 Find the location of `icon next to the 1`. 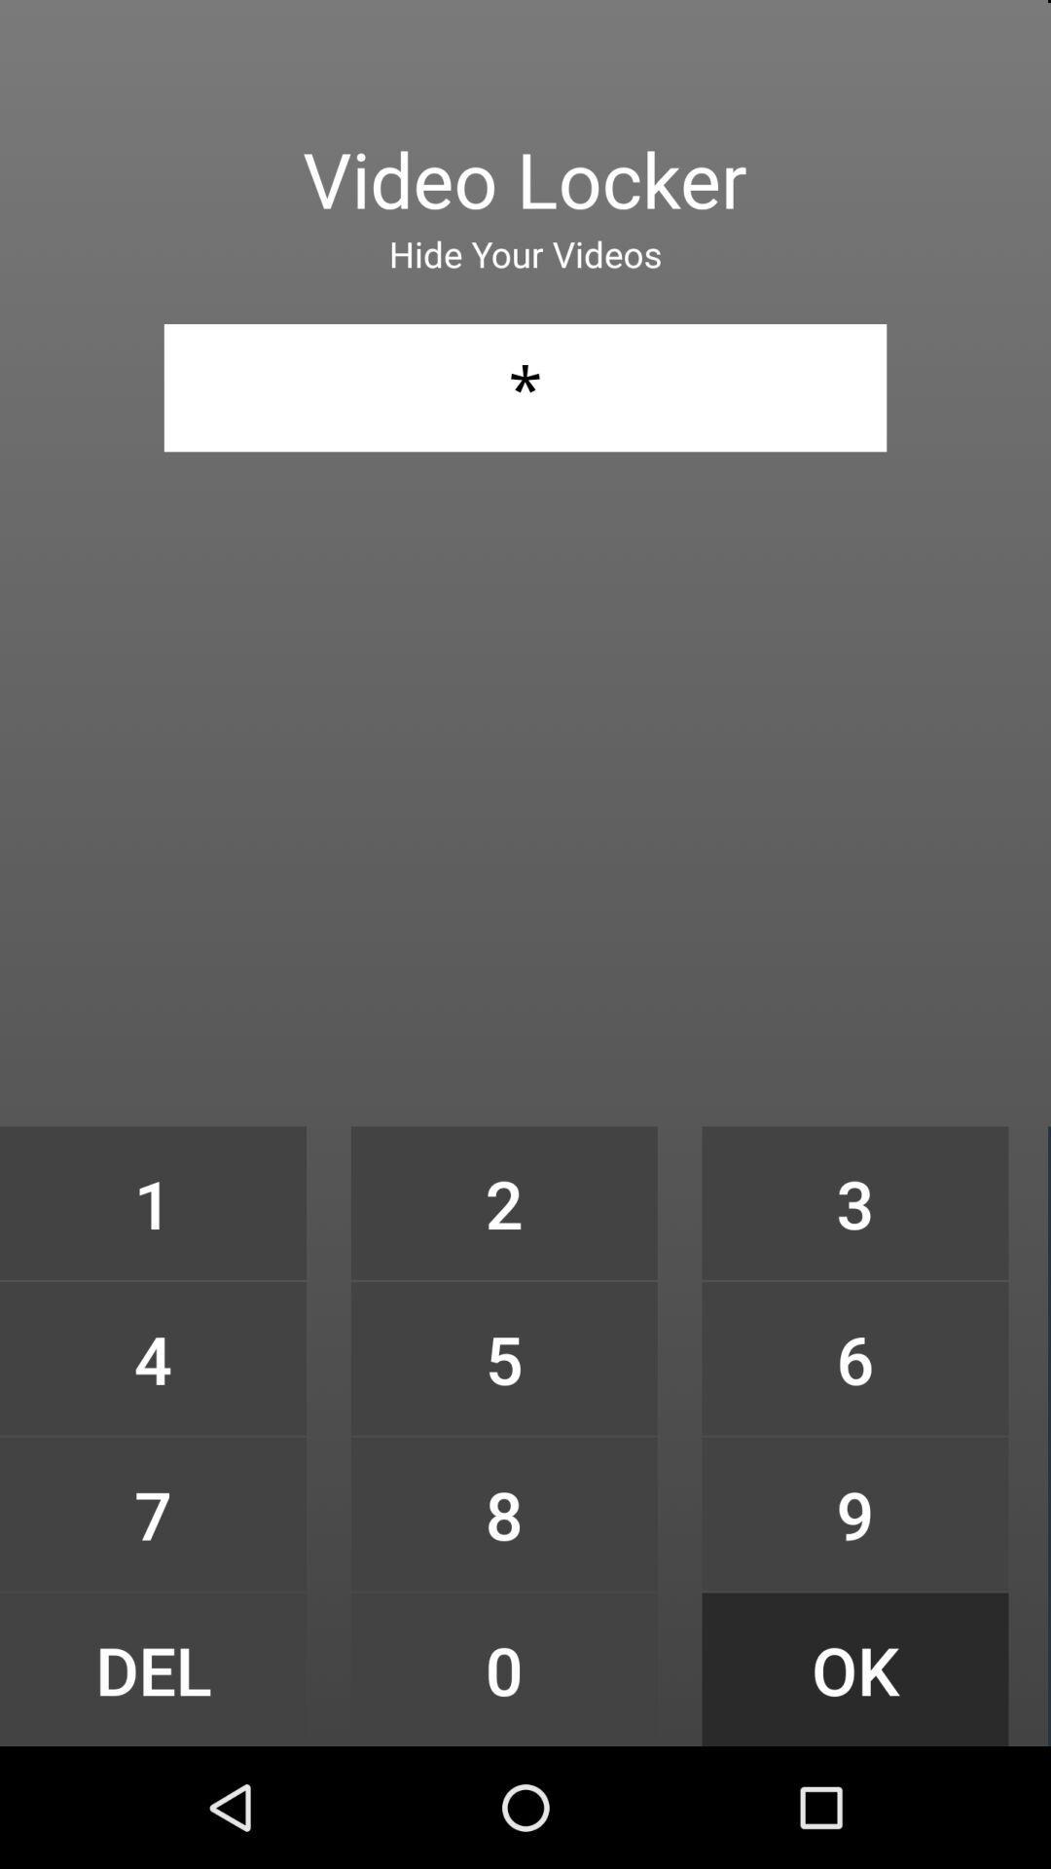

icon next to the 1 is located at coordinates (503, 1357).